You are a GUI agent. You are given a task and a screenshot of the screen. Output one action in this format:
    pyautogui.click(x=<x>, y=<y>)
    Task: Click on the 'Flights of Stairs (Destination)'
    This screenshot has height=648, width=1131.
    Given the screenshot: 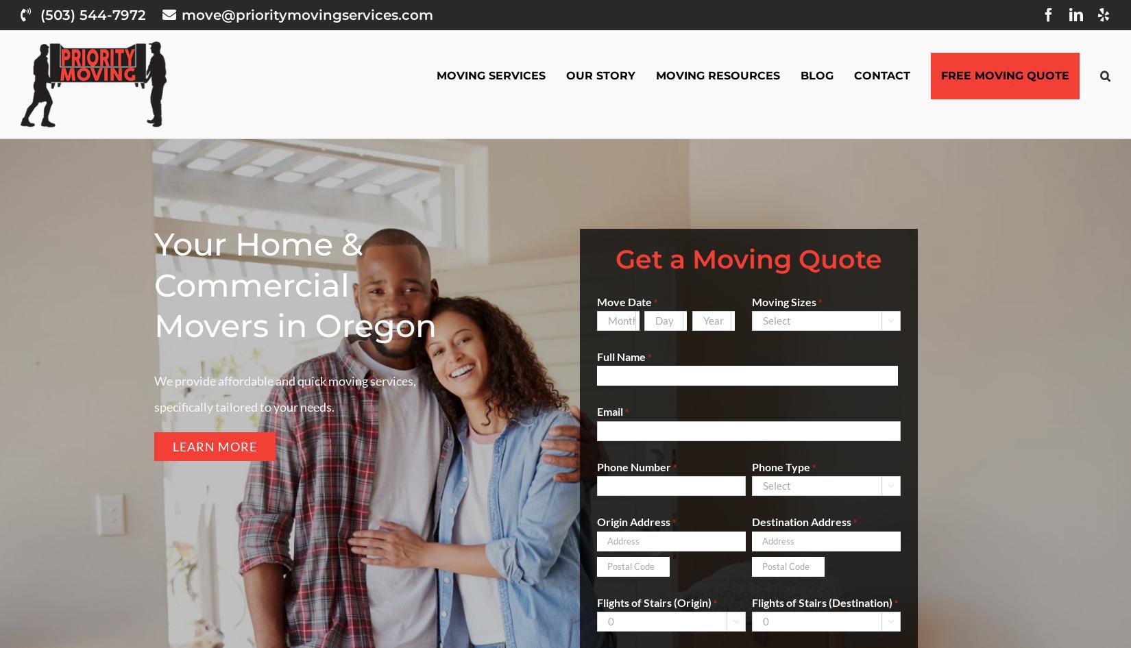 What is the action you would take?
    pyautogui.click(x=821, y=601)
    